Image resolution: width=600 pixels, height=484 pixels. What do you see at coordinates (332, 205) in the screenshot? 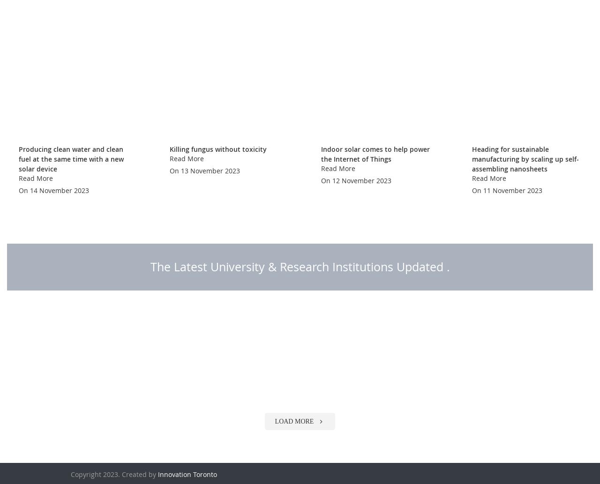
I see `'12 November 2023'` at bounding box center [332, 205].